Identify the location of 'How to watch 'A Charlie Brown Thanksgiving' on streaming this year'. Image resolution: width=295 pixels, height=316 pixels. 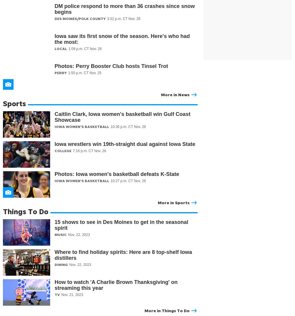
(116, 285).